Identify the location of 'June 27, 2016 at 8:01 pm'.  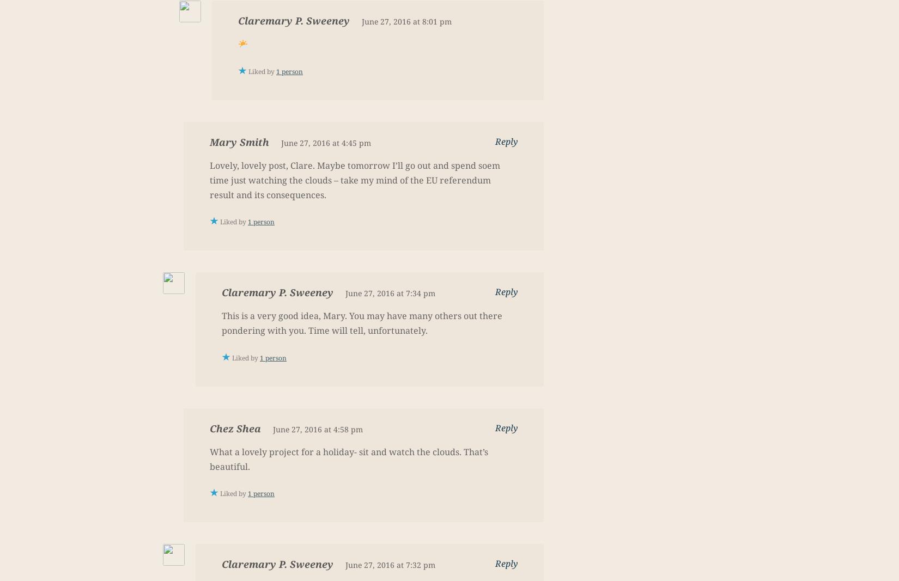
(361, 21).